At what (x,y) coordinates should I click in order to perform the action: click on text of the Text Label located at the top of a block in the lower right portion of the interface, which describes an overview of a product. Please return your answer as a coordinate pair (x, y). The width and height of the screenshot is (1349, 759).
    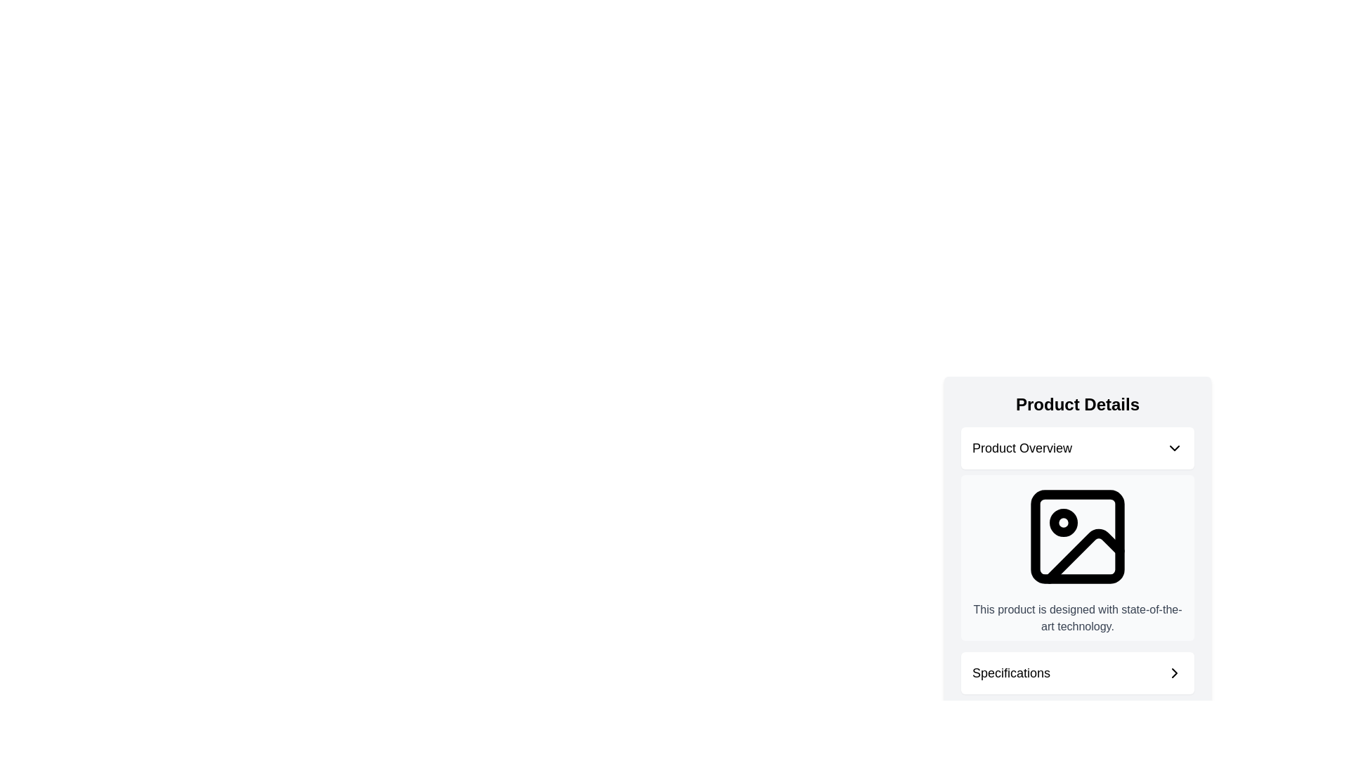
    Looking at the image, I should click on (1022, 448).